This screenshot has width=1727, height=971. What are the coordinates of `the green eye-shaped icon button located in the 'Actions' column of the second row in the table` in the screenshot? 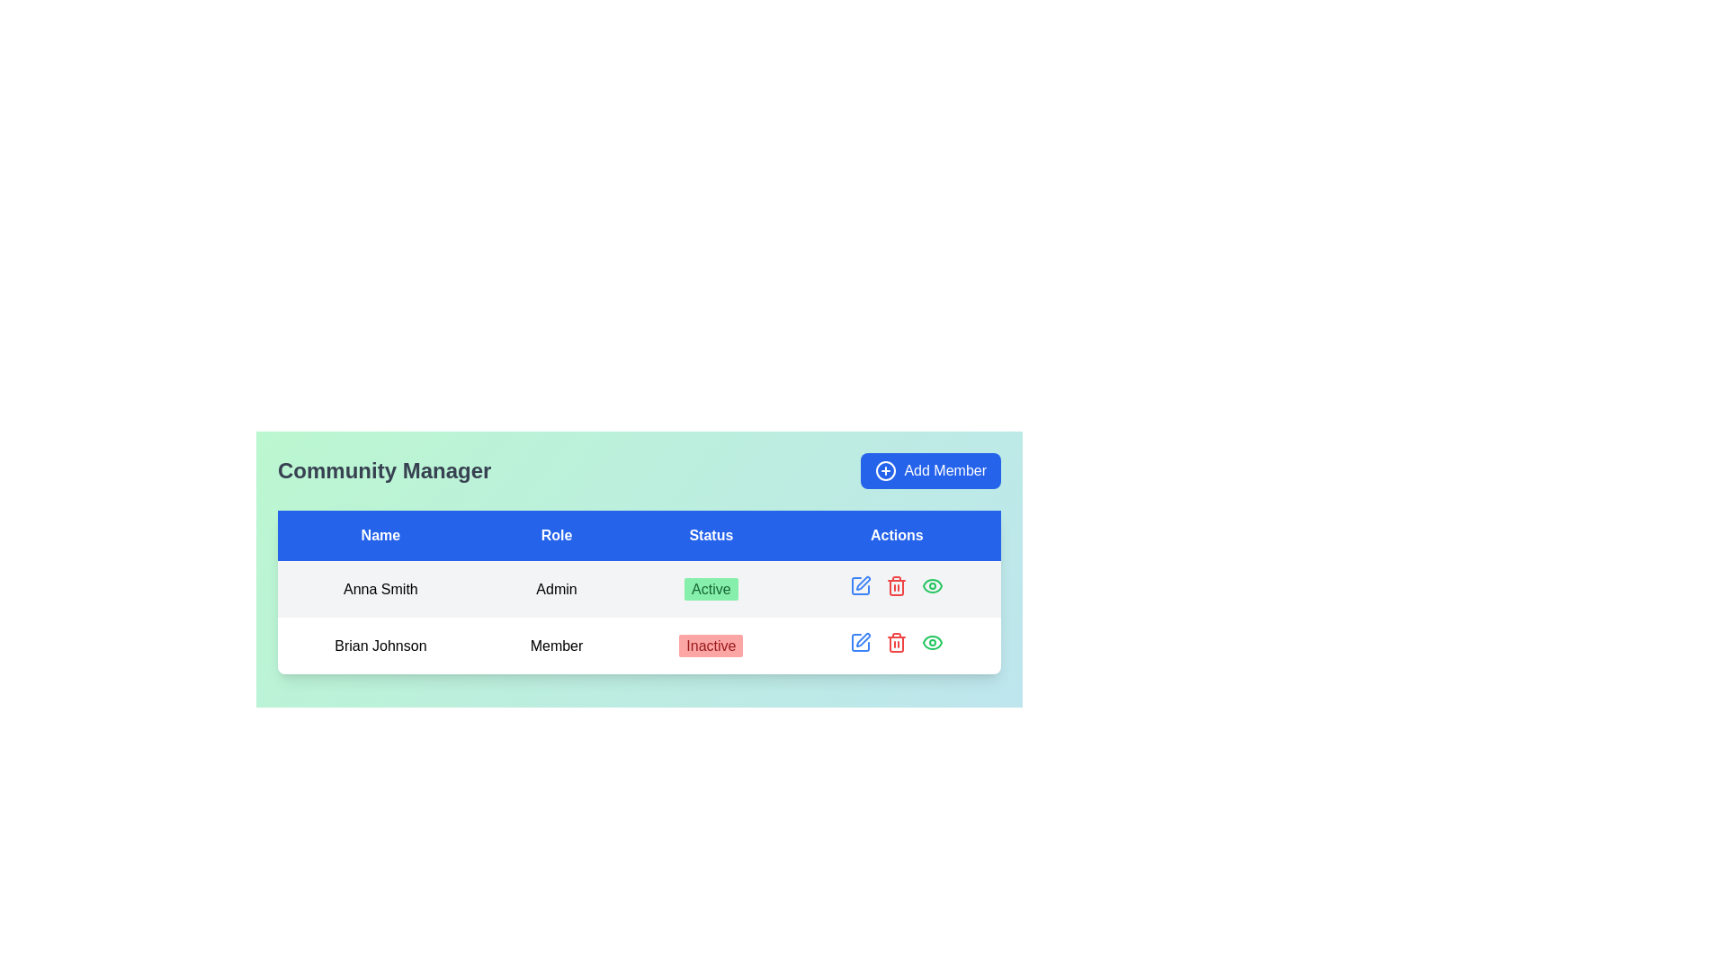 It's located at (933, 641).